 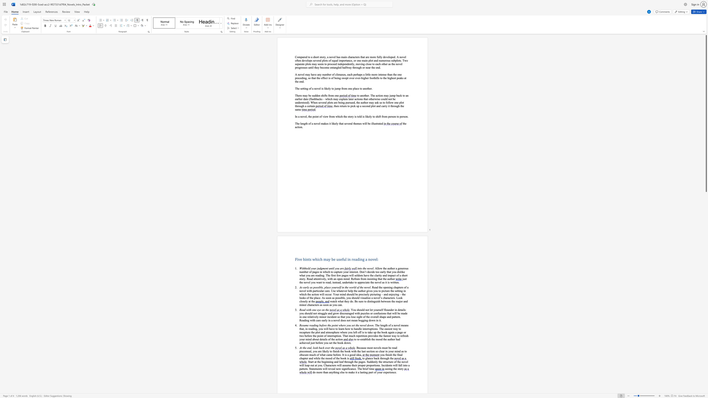 What do you see at coordinates (335, 358) in the screenshot?
I see `the 1th character "f" in the text` at bounding box center [335, 358].